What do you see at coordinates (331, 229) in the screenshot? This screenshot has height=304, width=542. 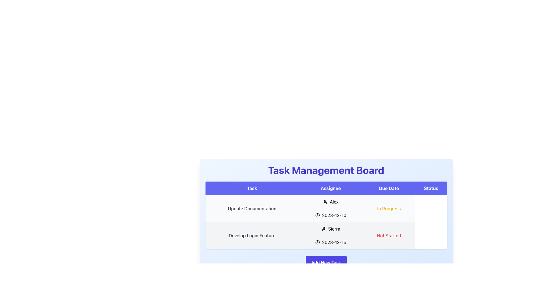 I see `the text with accompanying icon that indicates the assignee of the task 'Develop Login Feature', located in the second row of the task management table in the 'Assignee' column` at bounding box center [331, 229].